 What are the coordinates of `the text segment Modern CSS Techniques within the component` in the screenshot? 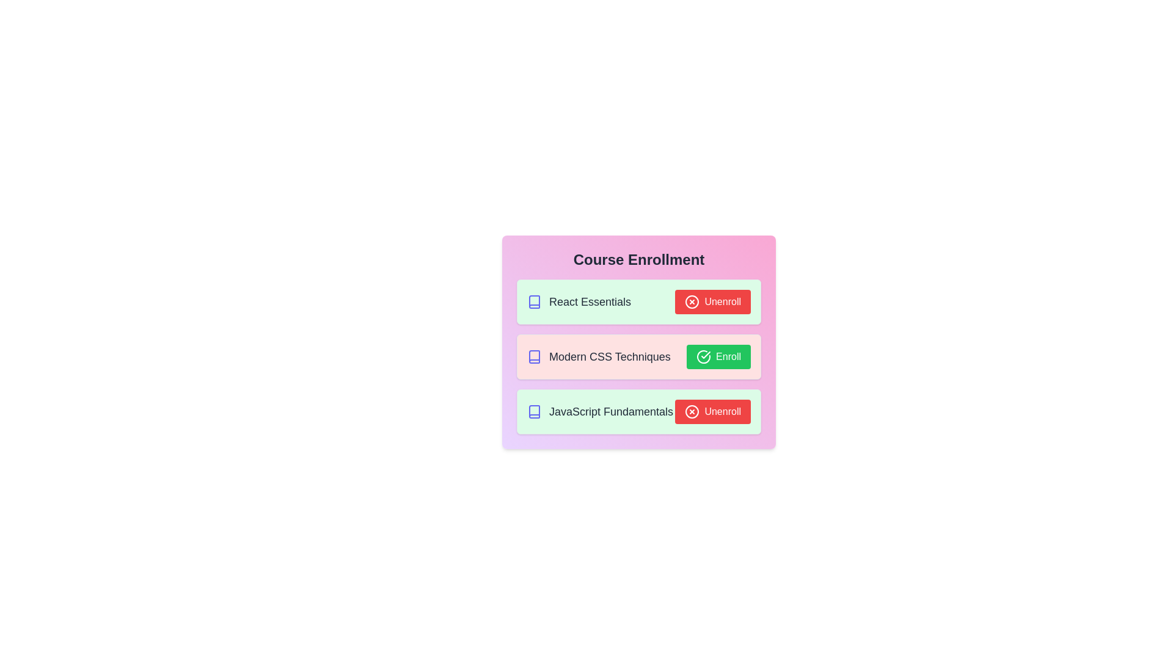 It's located at (598, 357).